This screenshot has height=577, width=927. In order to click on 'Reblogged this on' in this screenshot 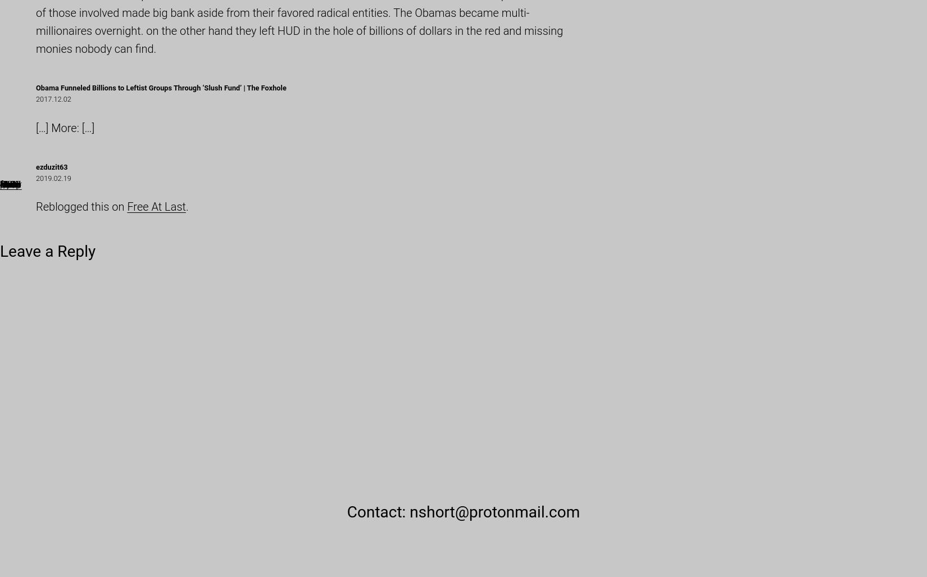, I will do `click(81, 206)`.